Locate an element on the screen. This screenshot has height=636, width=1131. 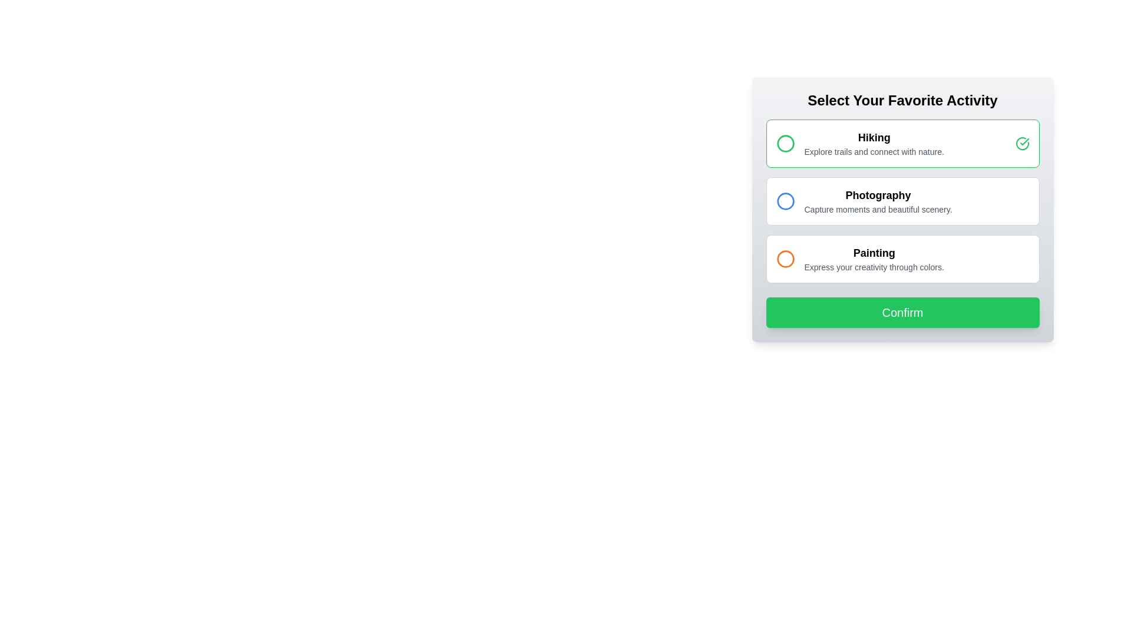
the text content displaying 'Hiking', which is the bold title in the first option under 'Select Your Favorite Activity' is located at coordinates (874, 143).